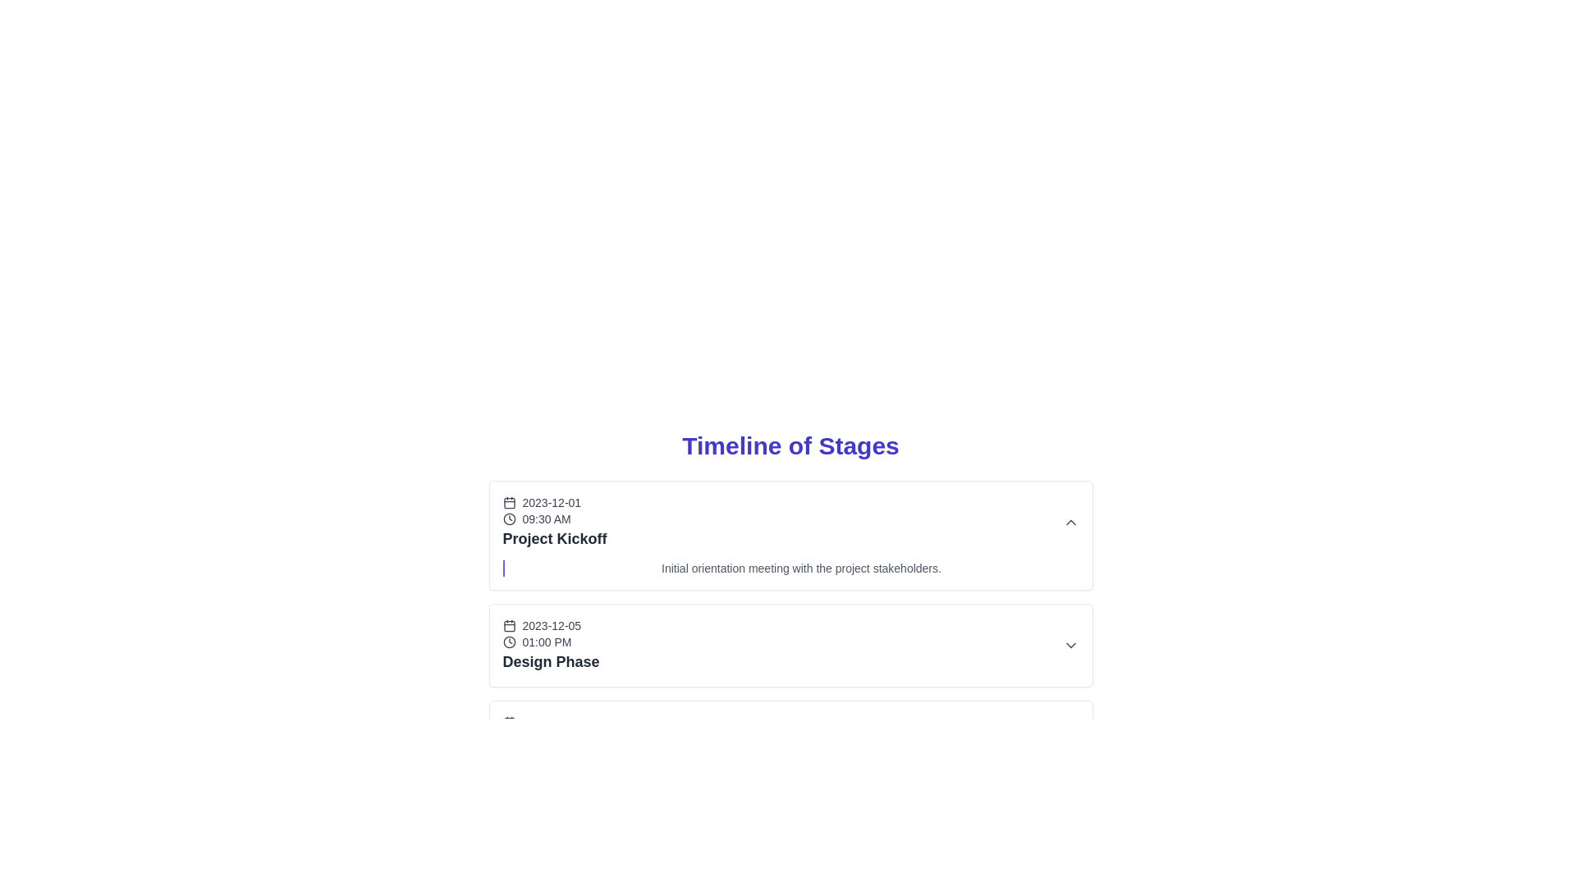 The width and height of the screenshot is (1576, 886). Describe the element at coordinates (790, 644) in the screenshot. I see `the 'Design Phase' panel` at that location.